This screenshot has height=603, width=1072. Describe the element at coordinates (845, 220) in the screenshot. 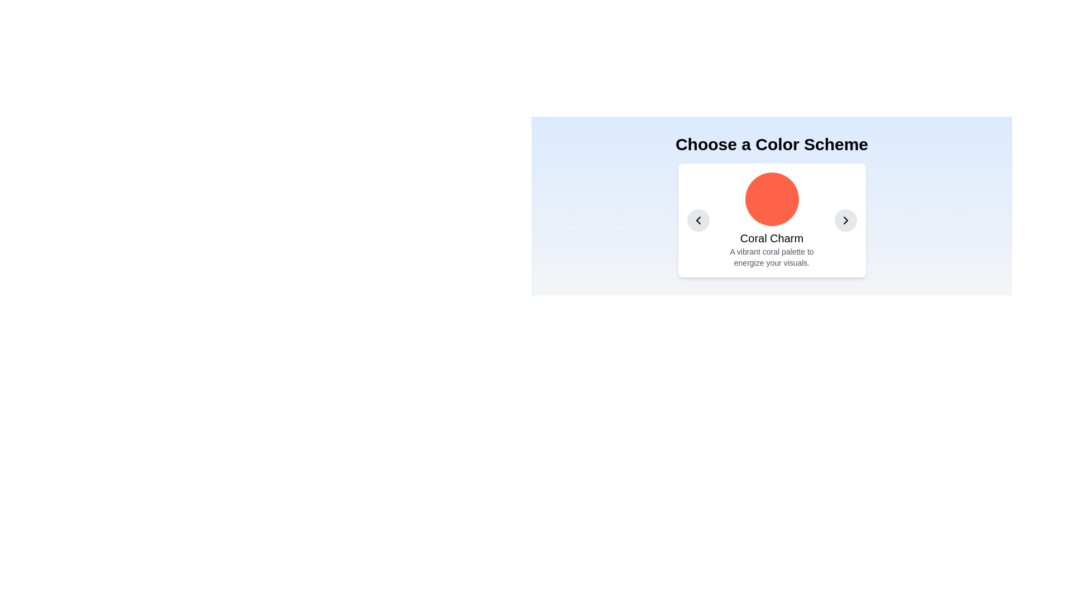

I see `the circular button with a light gray background and a right-pointing chevron symbol inside to observe the background change effect` at that location.